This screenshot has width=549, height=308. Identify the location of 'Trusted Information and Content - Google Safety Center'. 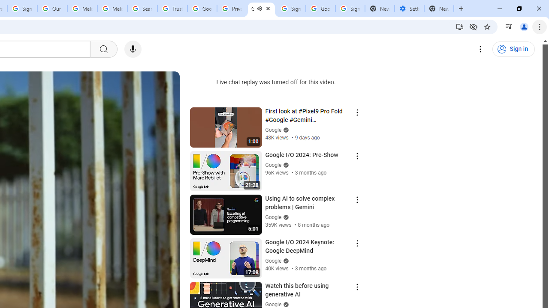
(172, 9).